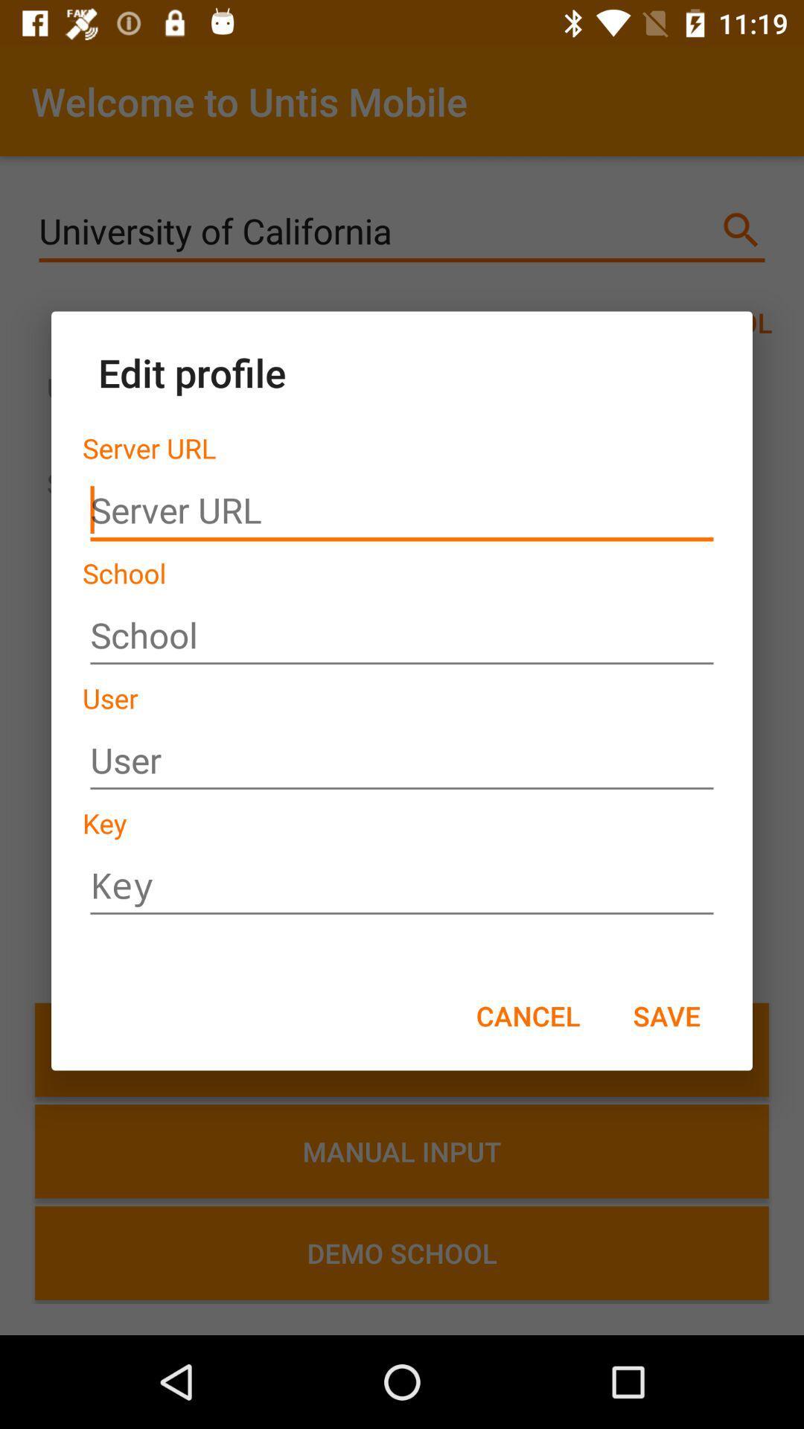  Describe the element at coordinates (402, 761) in the screenshot. I see `insert user info` at that location.